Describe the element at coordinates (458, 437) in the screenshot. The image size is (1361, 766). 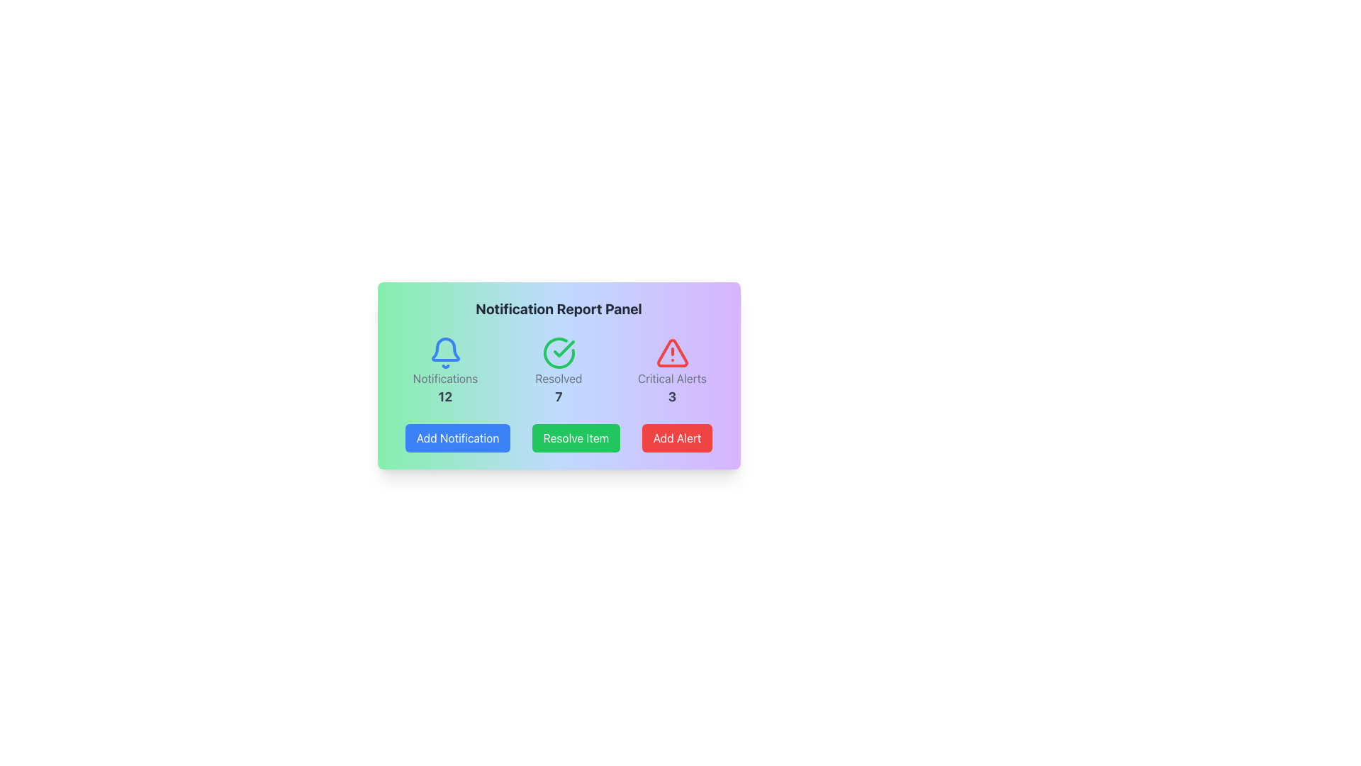
I see `the blue button labeled 'Add Notification' located under the 'Notifications' section of the 'Notification Report Panel'` at that location.